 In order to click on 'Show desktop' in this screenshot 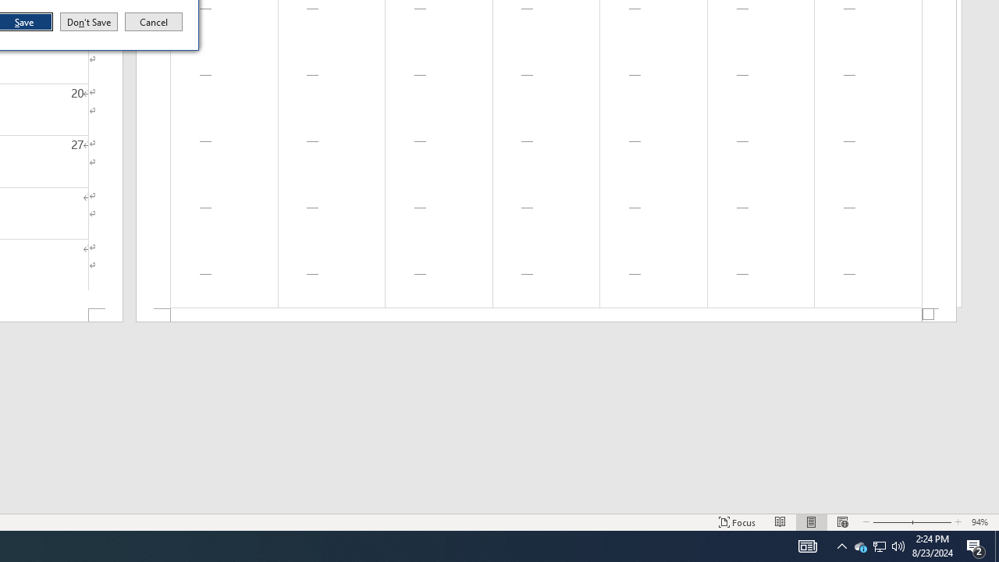, I will do `click(996, 545)`.